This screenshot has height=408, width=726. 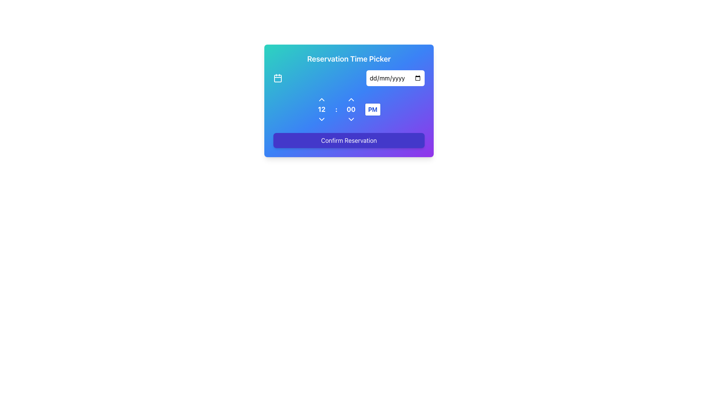 I want to click on the downward-pointing chevron icon in the time selection area to decrease the hour value, so click(x=321, y=119).